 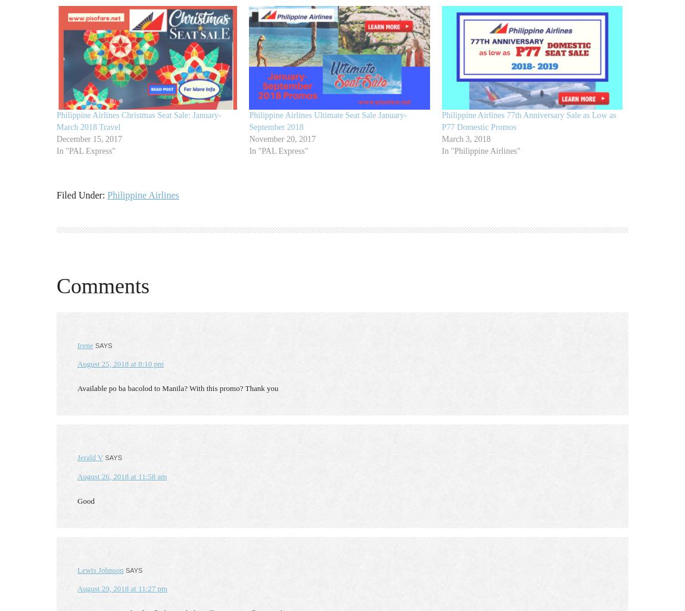 I want to click on 'Good', so click(x=85, y=500).